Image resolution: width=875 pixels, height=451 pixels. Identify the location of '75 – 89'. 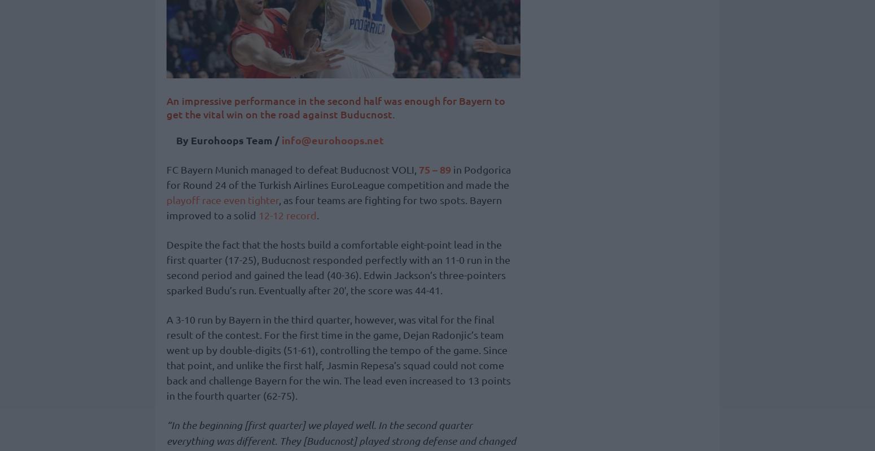
(418, 169).